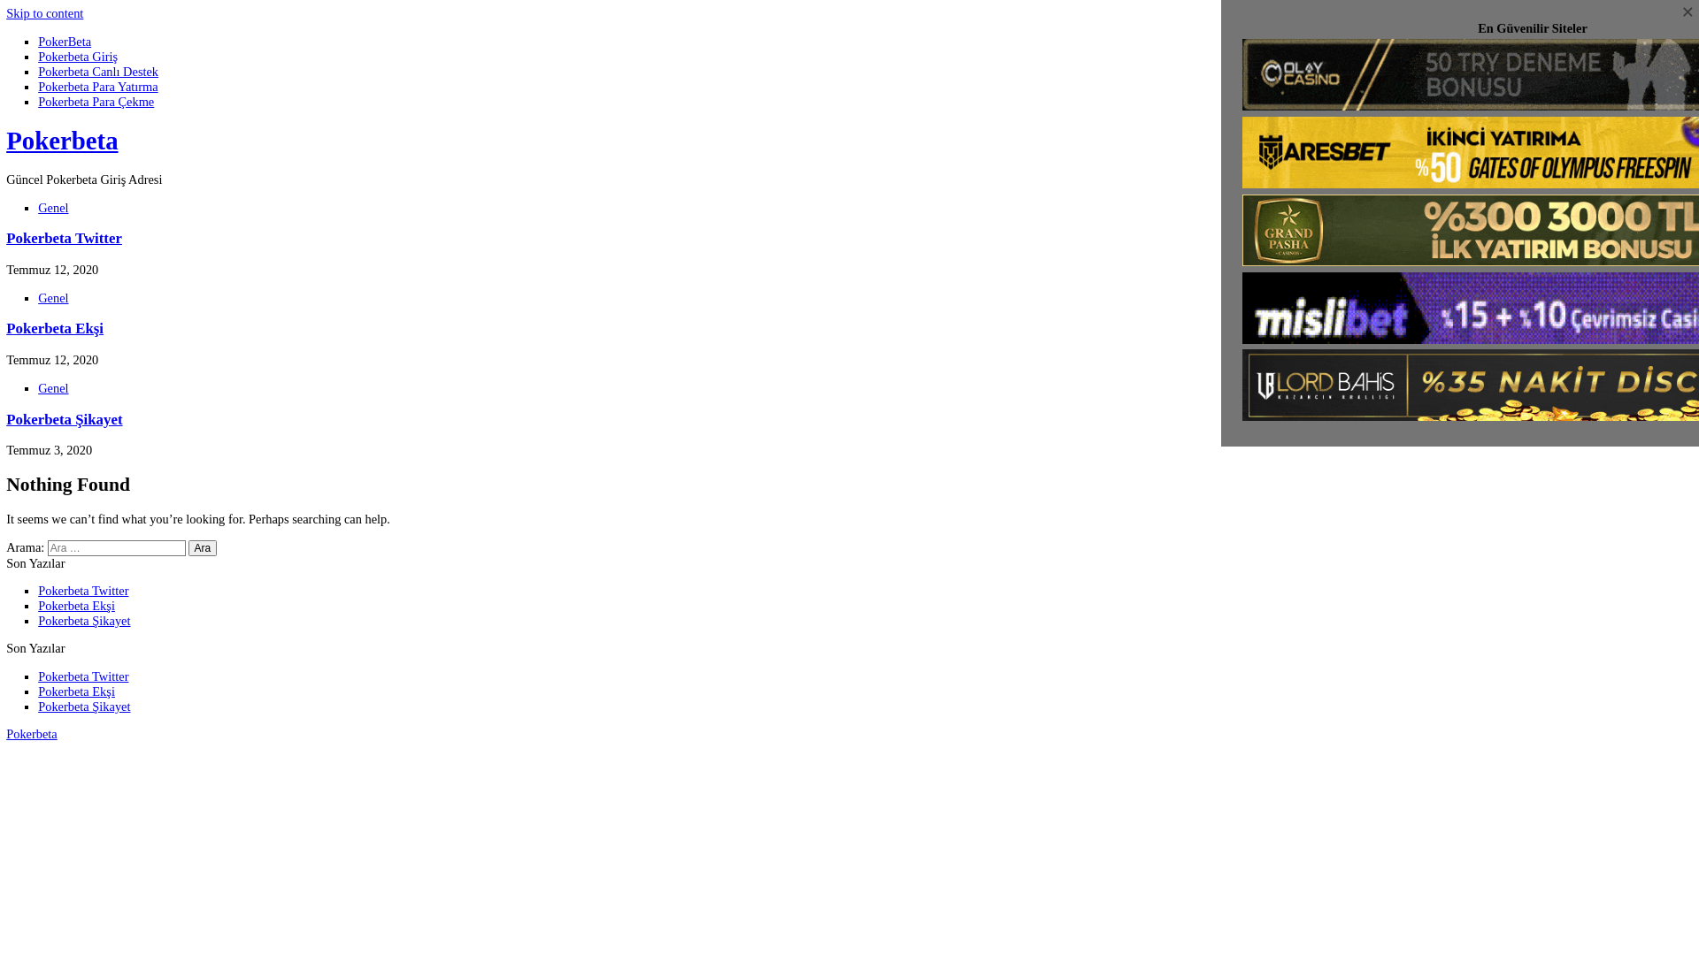 This screenshot has height=955, width=1699. Describe the element at coordinates (50, 14) in the screenshot. I see `'Skip to content'` at that location.